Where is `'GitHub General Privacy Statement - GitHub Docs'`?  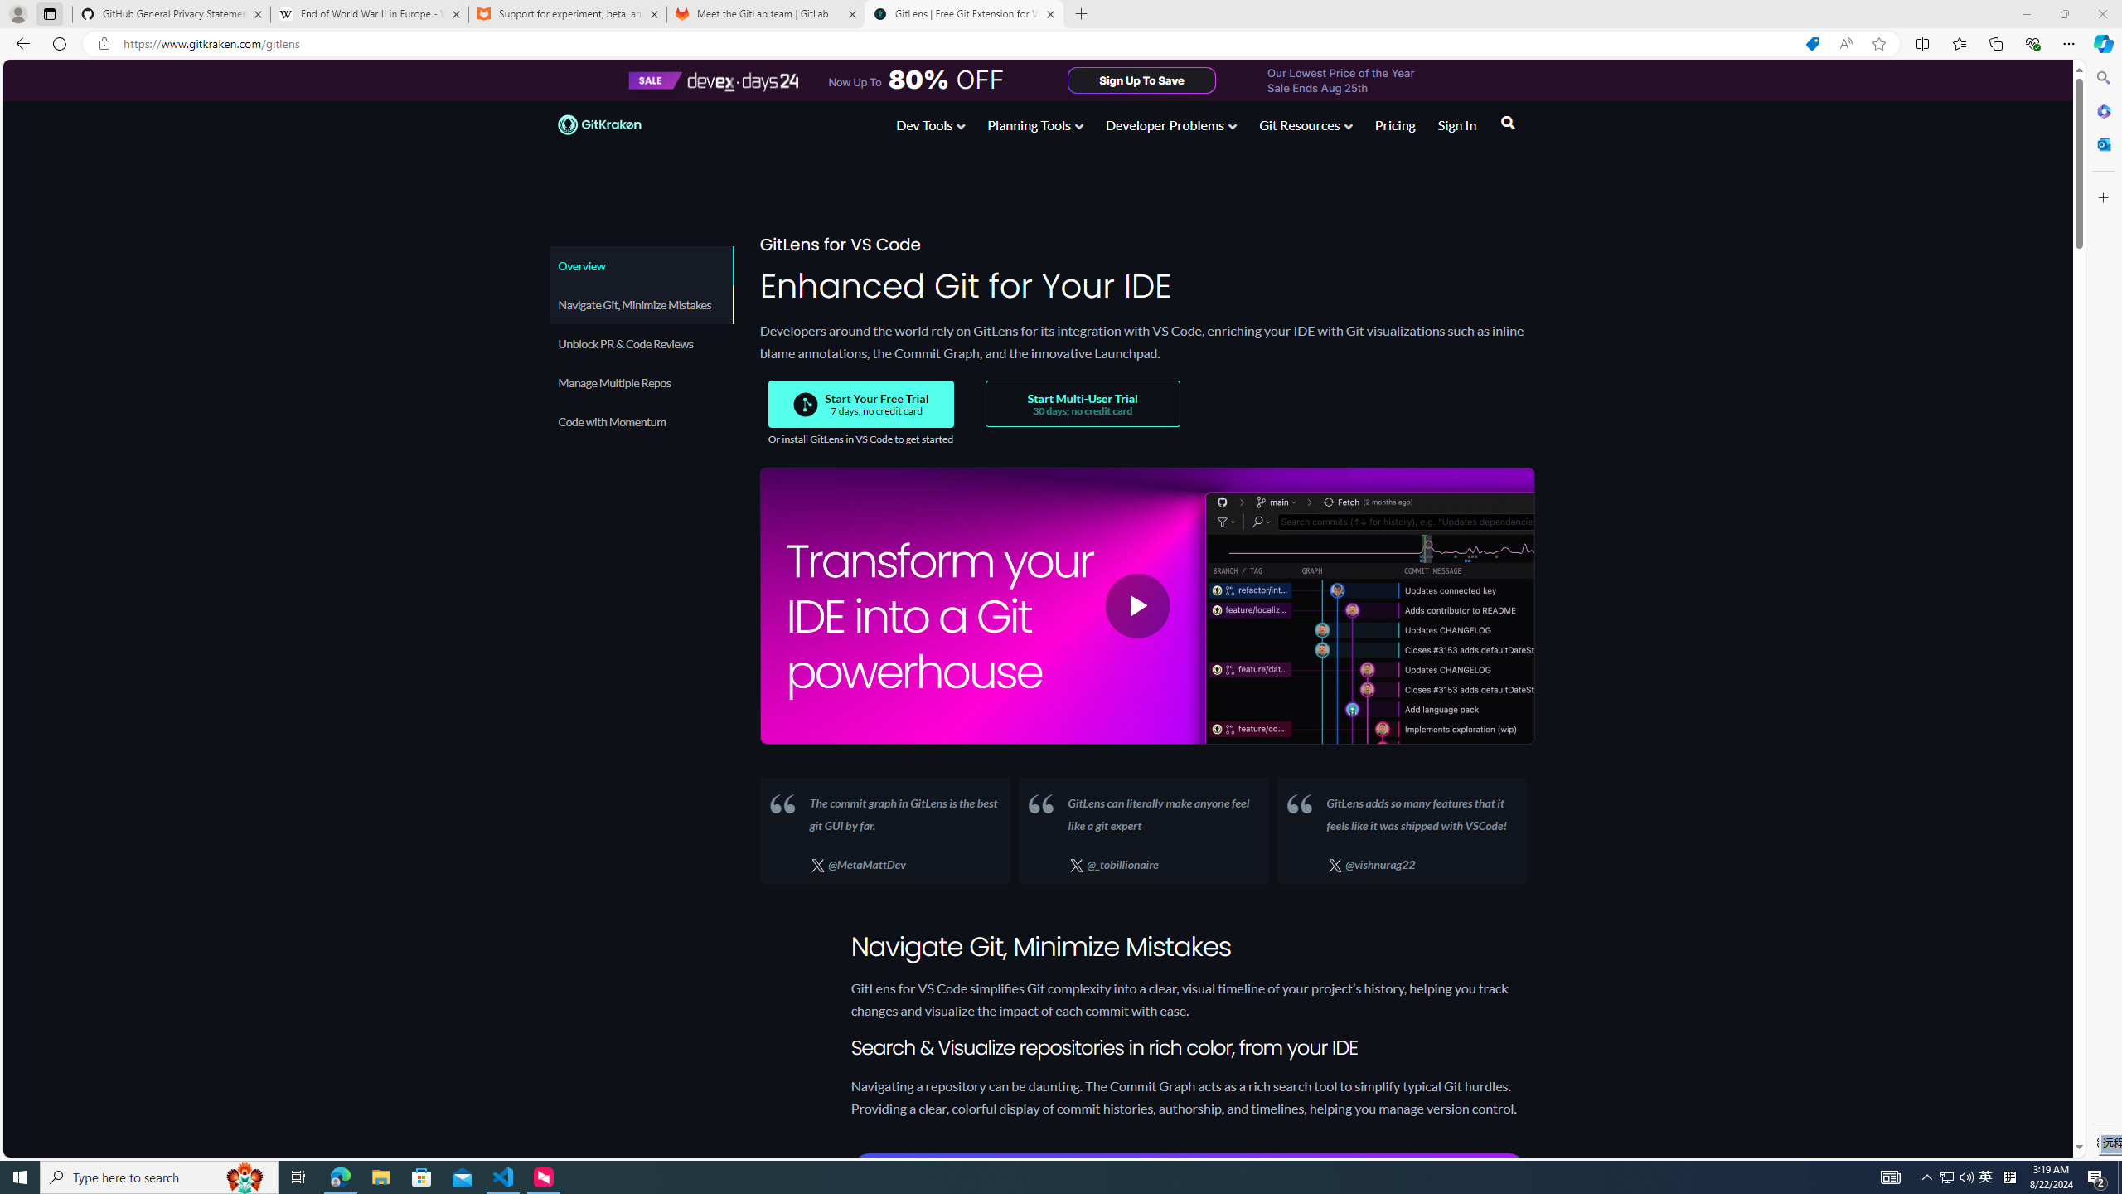
'GitHub General Privacy Statement - GitHub Docs' is located at coordinates (172, 13).